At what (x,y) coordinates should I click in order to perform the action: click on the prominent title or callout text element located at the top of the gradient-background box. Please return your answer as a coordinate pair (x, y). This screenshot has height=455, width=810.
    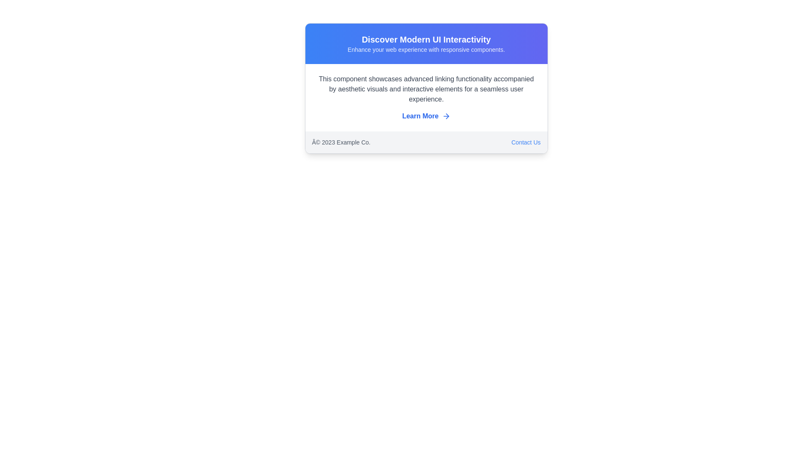
    Looking at the image, I should click on (426, 39).